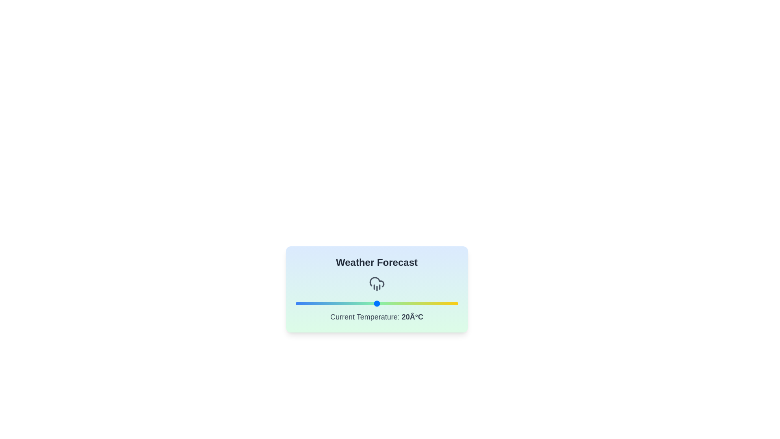  Describe the element at coordinates (332, 304) in the screenshot. I see `the temperature slider to 9°C` at that location.